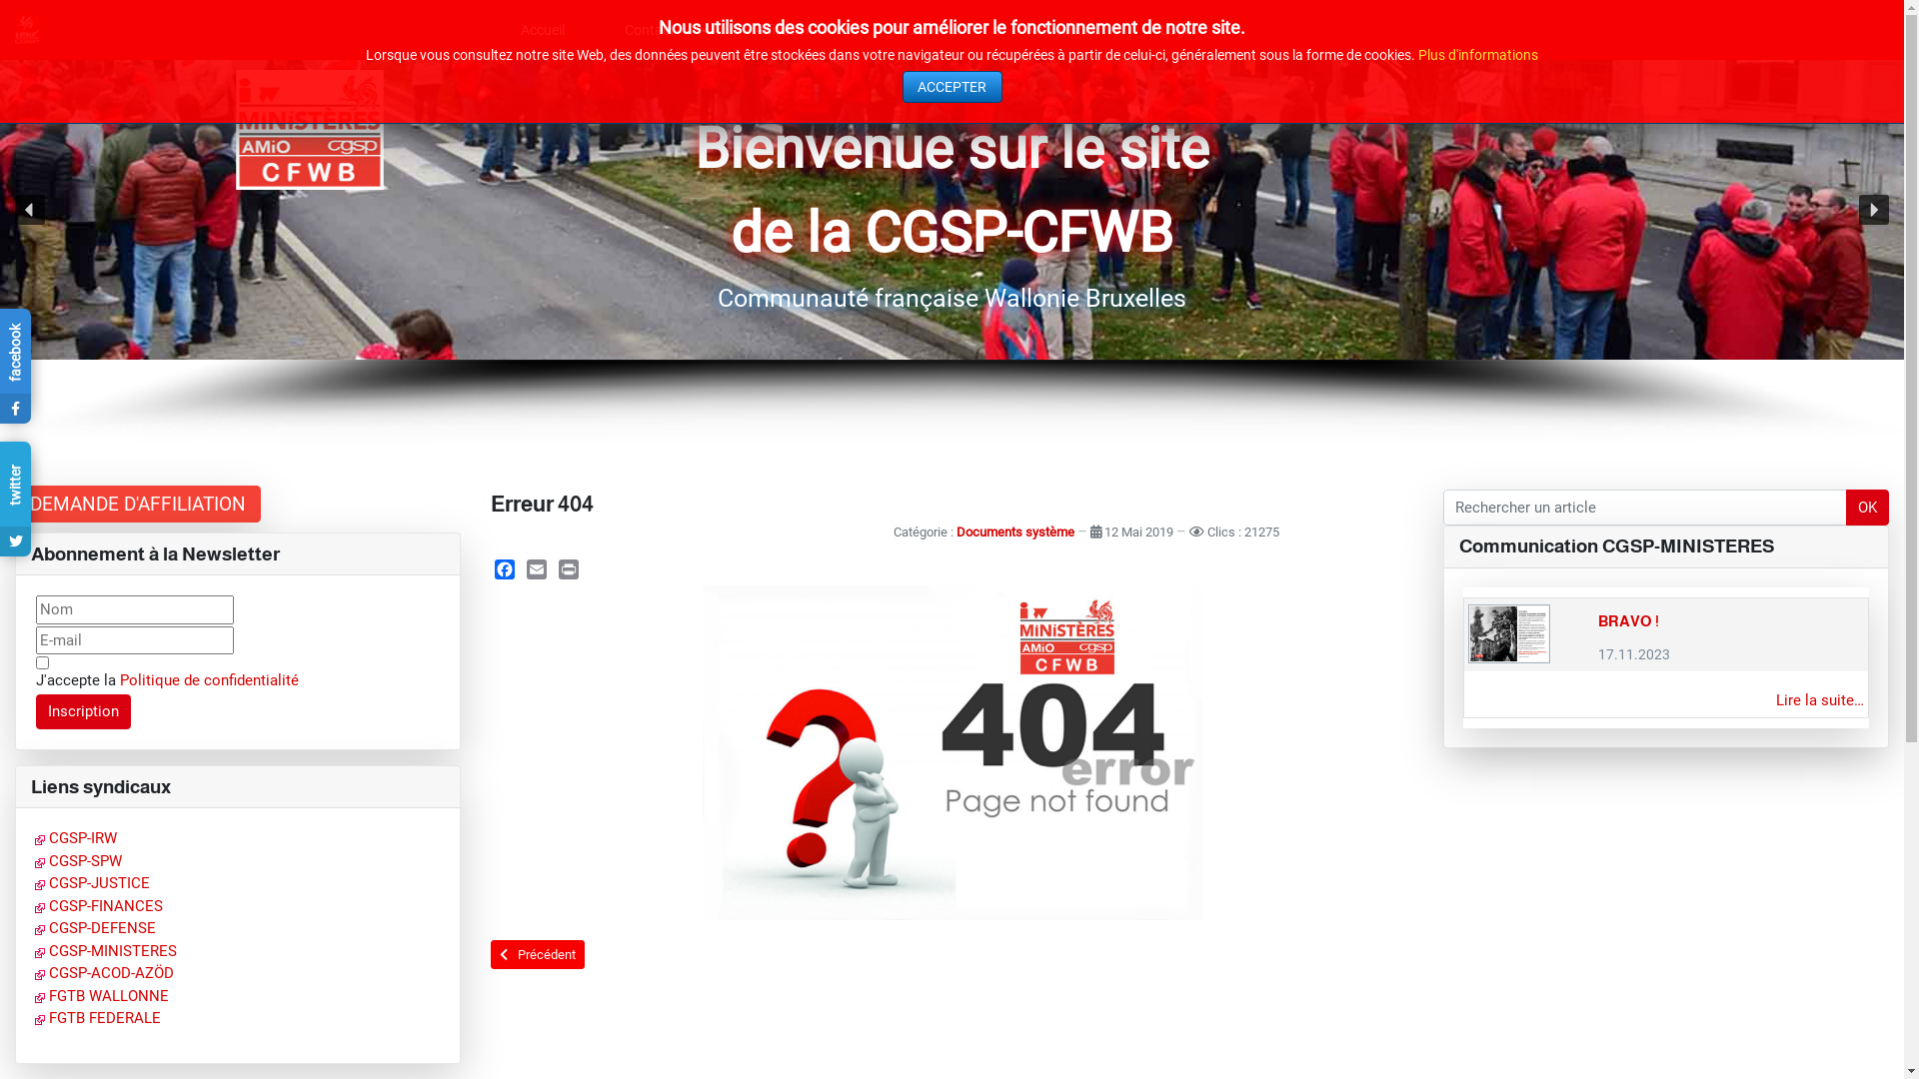 Image resolution: width=1919 pixels, height=1079 pixels. What do you see at coordinates (537, 569) in the screenshot?
I see `'Email'` at bounding box center [537, 569].